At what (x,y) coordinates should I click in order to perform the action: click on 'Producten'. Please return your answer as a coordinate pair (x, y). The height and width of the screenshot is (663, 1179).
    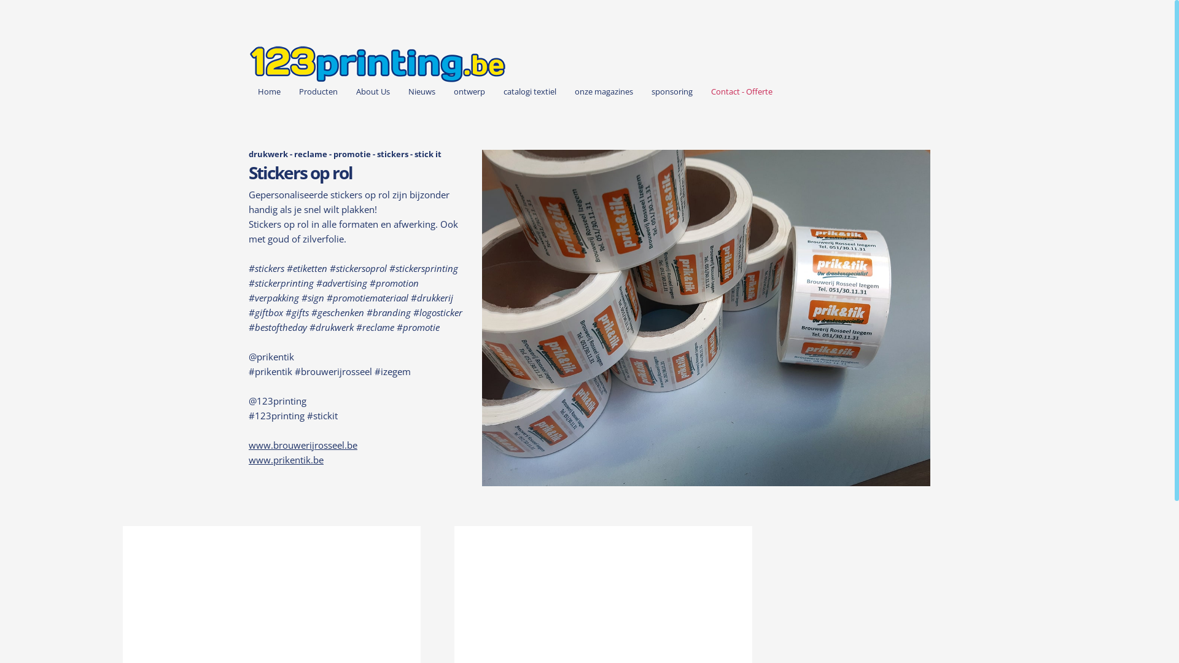
    Looking at the image, I should click on (318, 91).